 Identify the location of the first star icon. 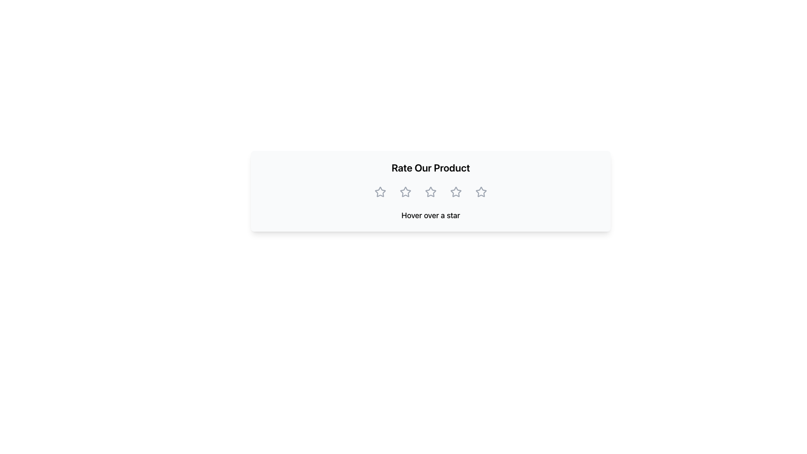
(379, 191).